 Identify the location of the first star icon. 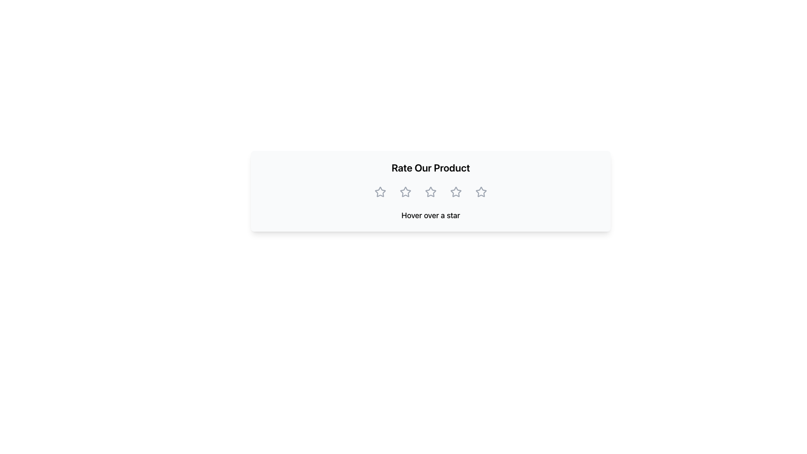
(379, 191).